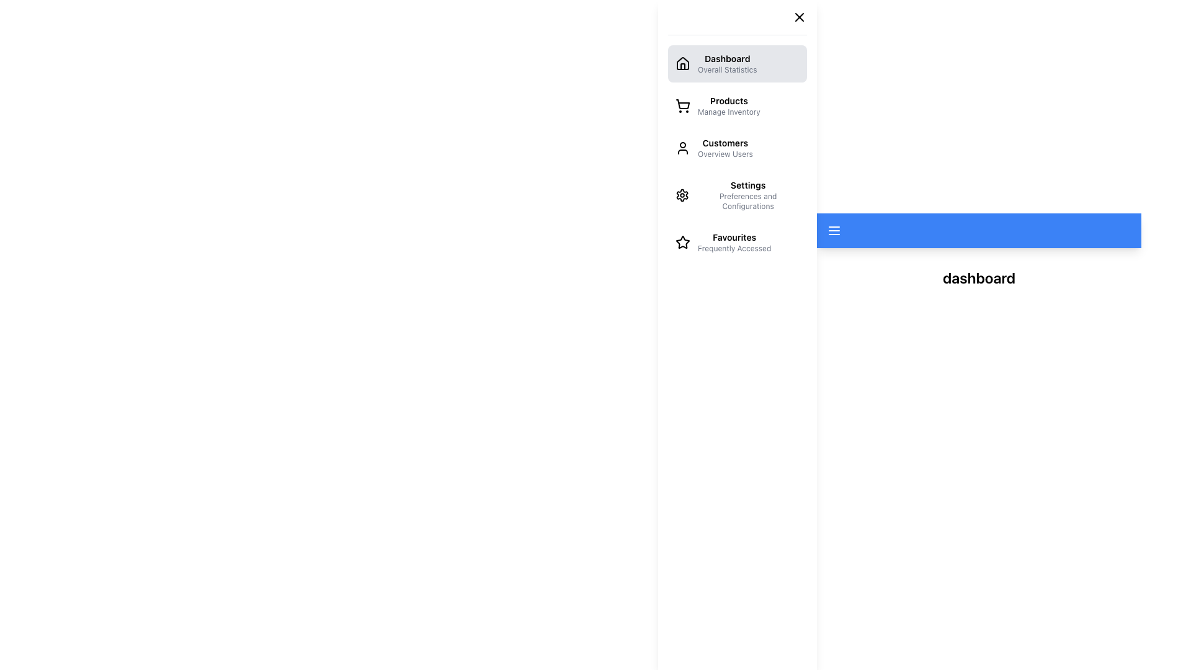  What do you see at coordinates (834, 230) in the screenshot?
I see `the hamburger menu icon located in the top-left region of the blue rectangular header` at bounding box center [834, 230].